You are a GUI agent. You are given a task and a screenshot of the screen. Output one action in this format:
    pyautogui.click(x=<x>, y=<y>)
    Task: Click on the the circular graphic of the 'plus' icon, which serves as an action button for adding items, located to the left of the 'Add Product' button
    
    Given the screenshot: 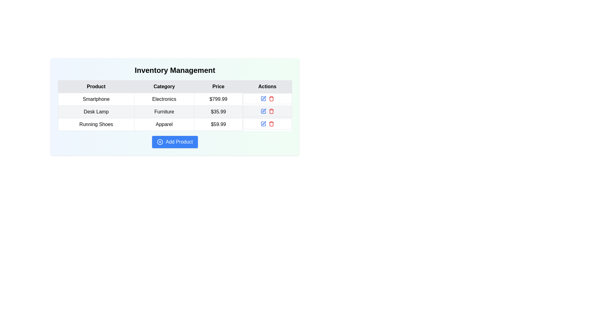 What is the action you would take?
    pyautogui.click(x=160, y=142)
    